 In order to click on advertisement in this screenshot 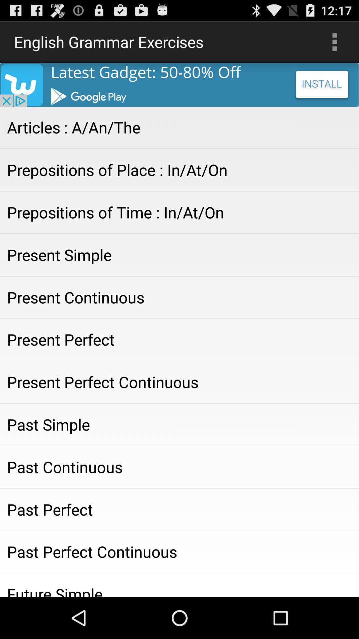, I will do `click(179, 84)`.